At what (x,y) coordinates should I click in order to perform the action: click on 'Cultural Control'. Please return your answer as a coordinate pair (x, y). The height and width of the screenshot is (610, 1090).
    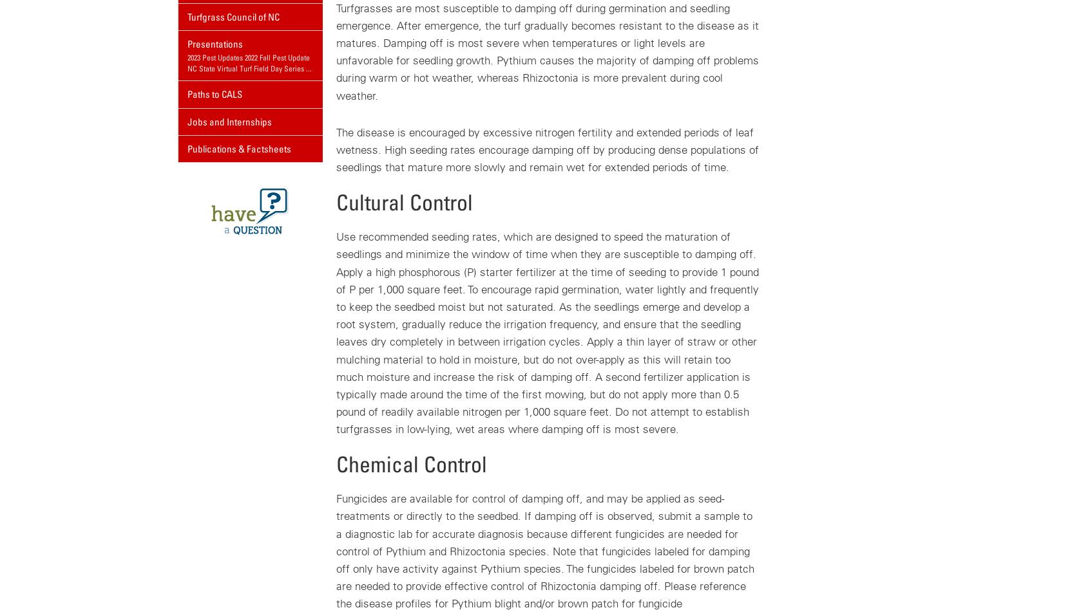
    Looking at the image, I should click on (403, 201).